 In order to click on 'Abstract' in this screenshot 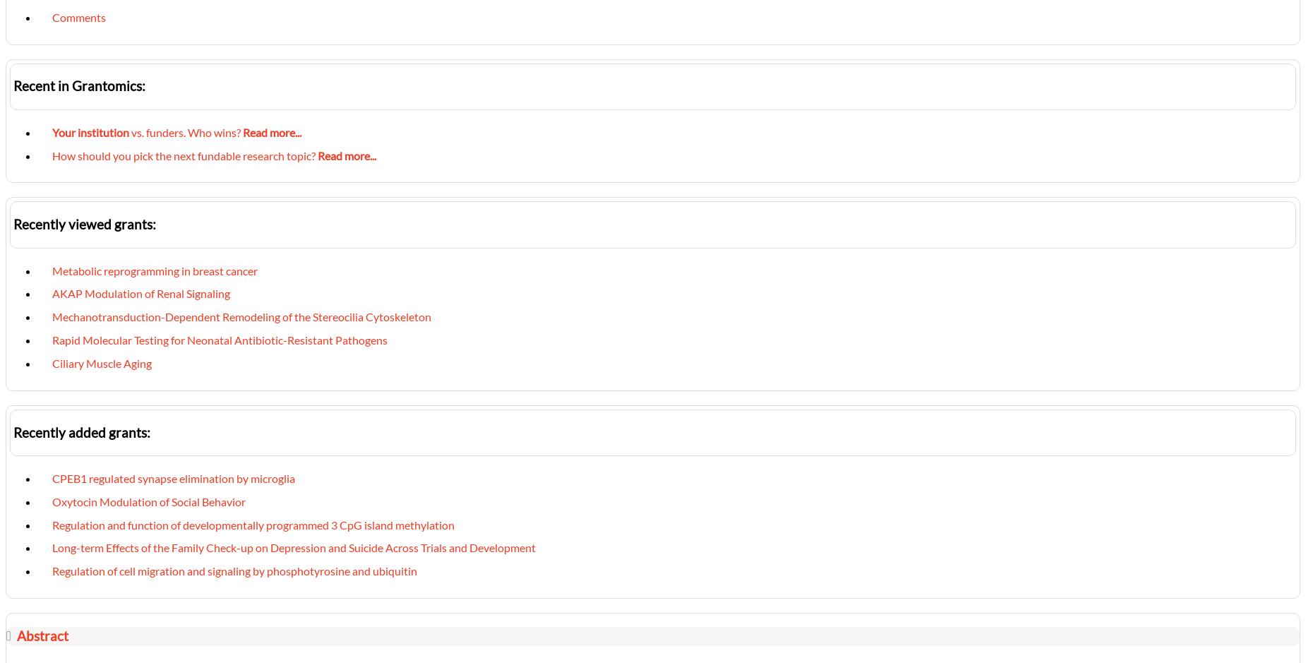, I will do `click(41, 635)`.